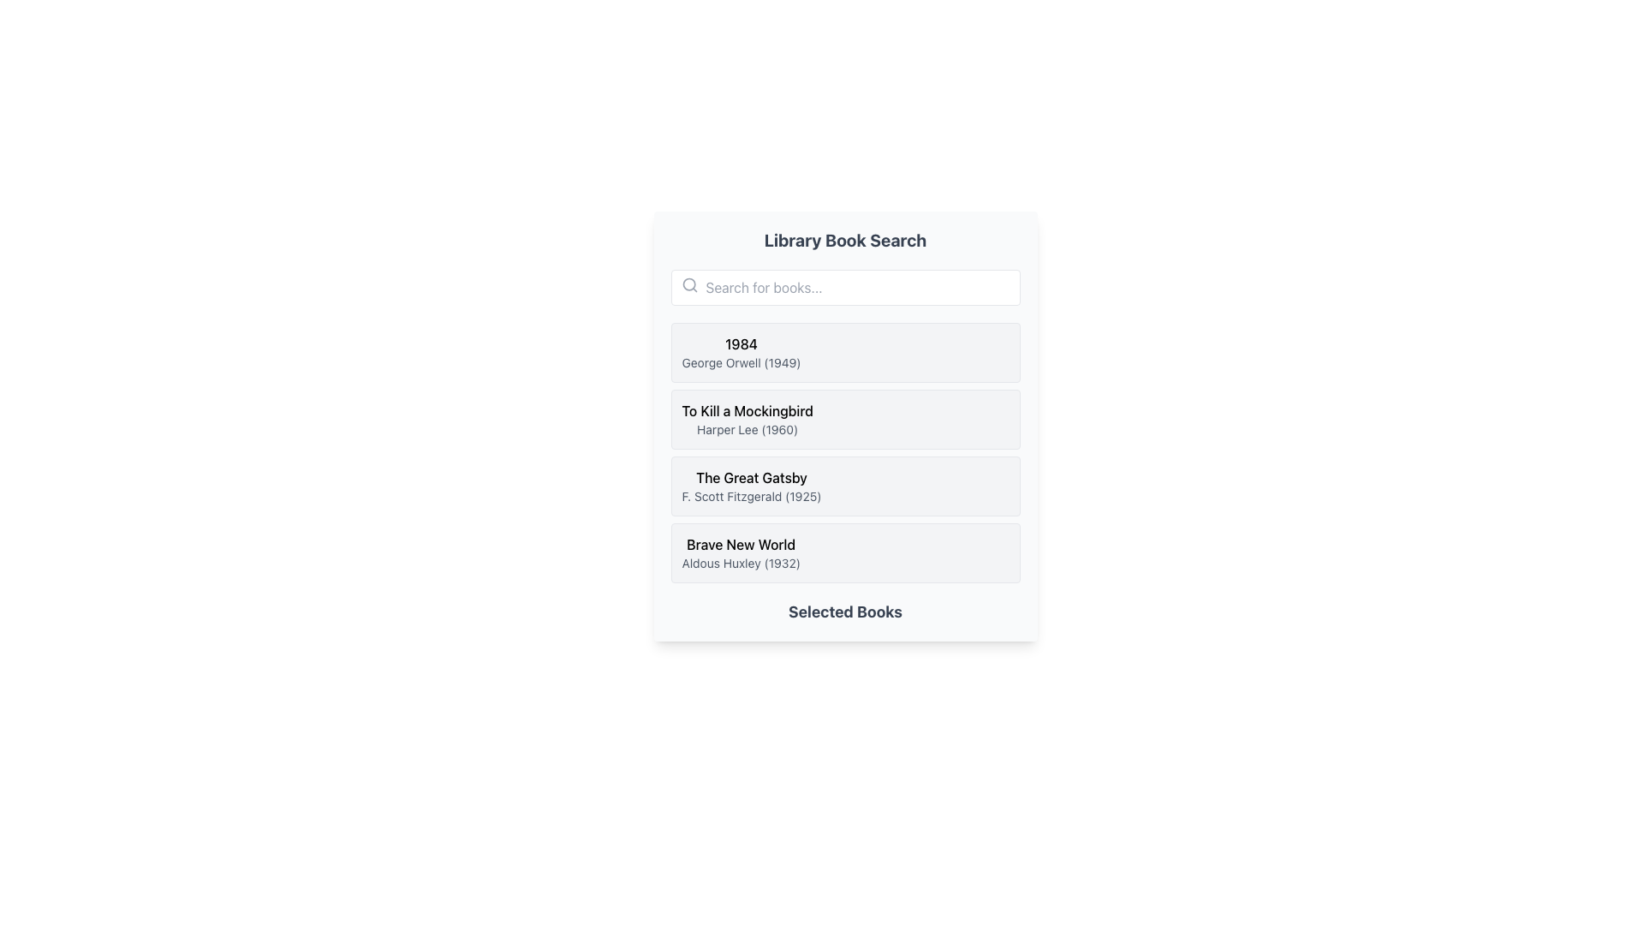 This screenshot has width=1644, height=925. I want to click on the informational text element containing 'Aldous Huxley (1932)', which is styled in light gray and positioned below the book title 'Brave New World', so click(741, 564).